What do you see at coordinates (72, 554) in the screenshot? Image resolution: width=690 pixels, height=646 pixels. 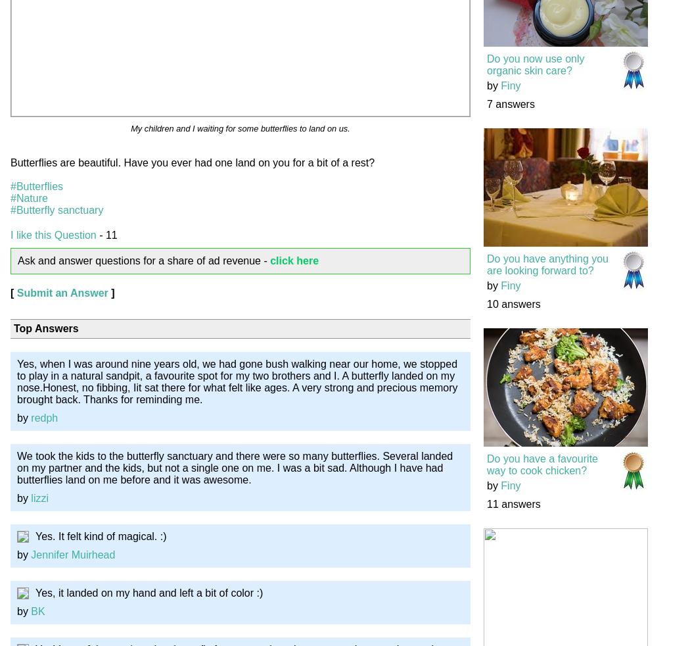 I see `'Jennifer Muirhead'` at bounding box center [72, 554].